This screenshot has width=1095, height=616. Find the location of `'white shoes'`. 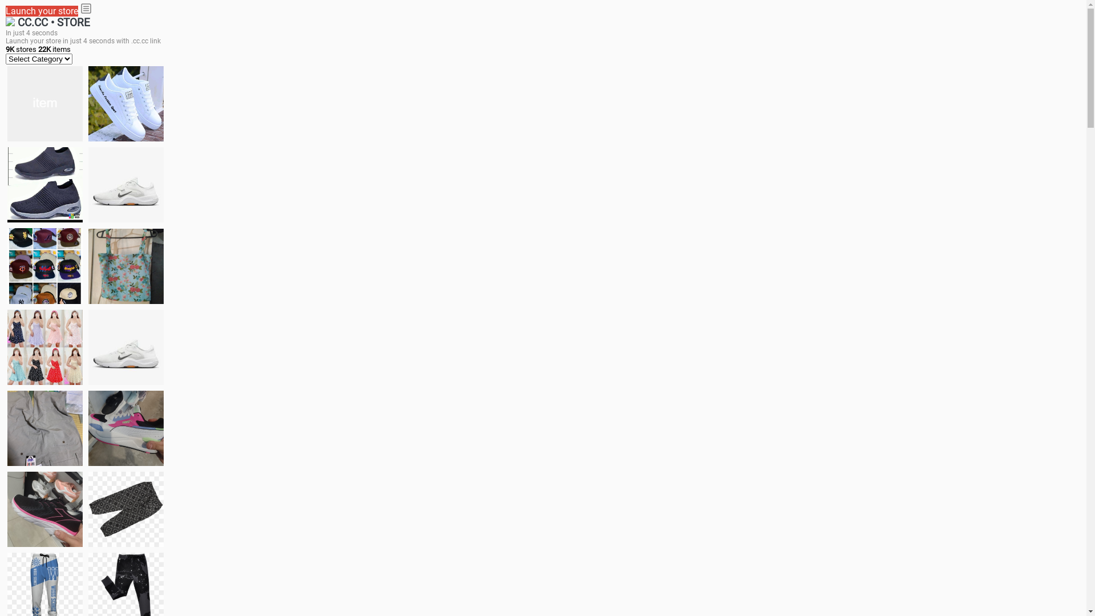

'white shoes' is located at coordinates (87, 103).